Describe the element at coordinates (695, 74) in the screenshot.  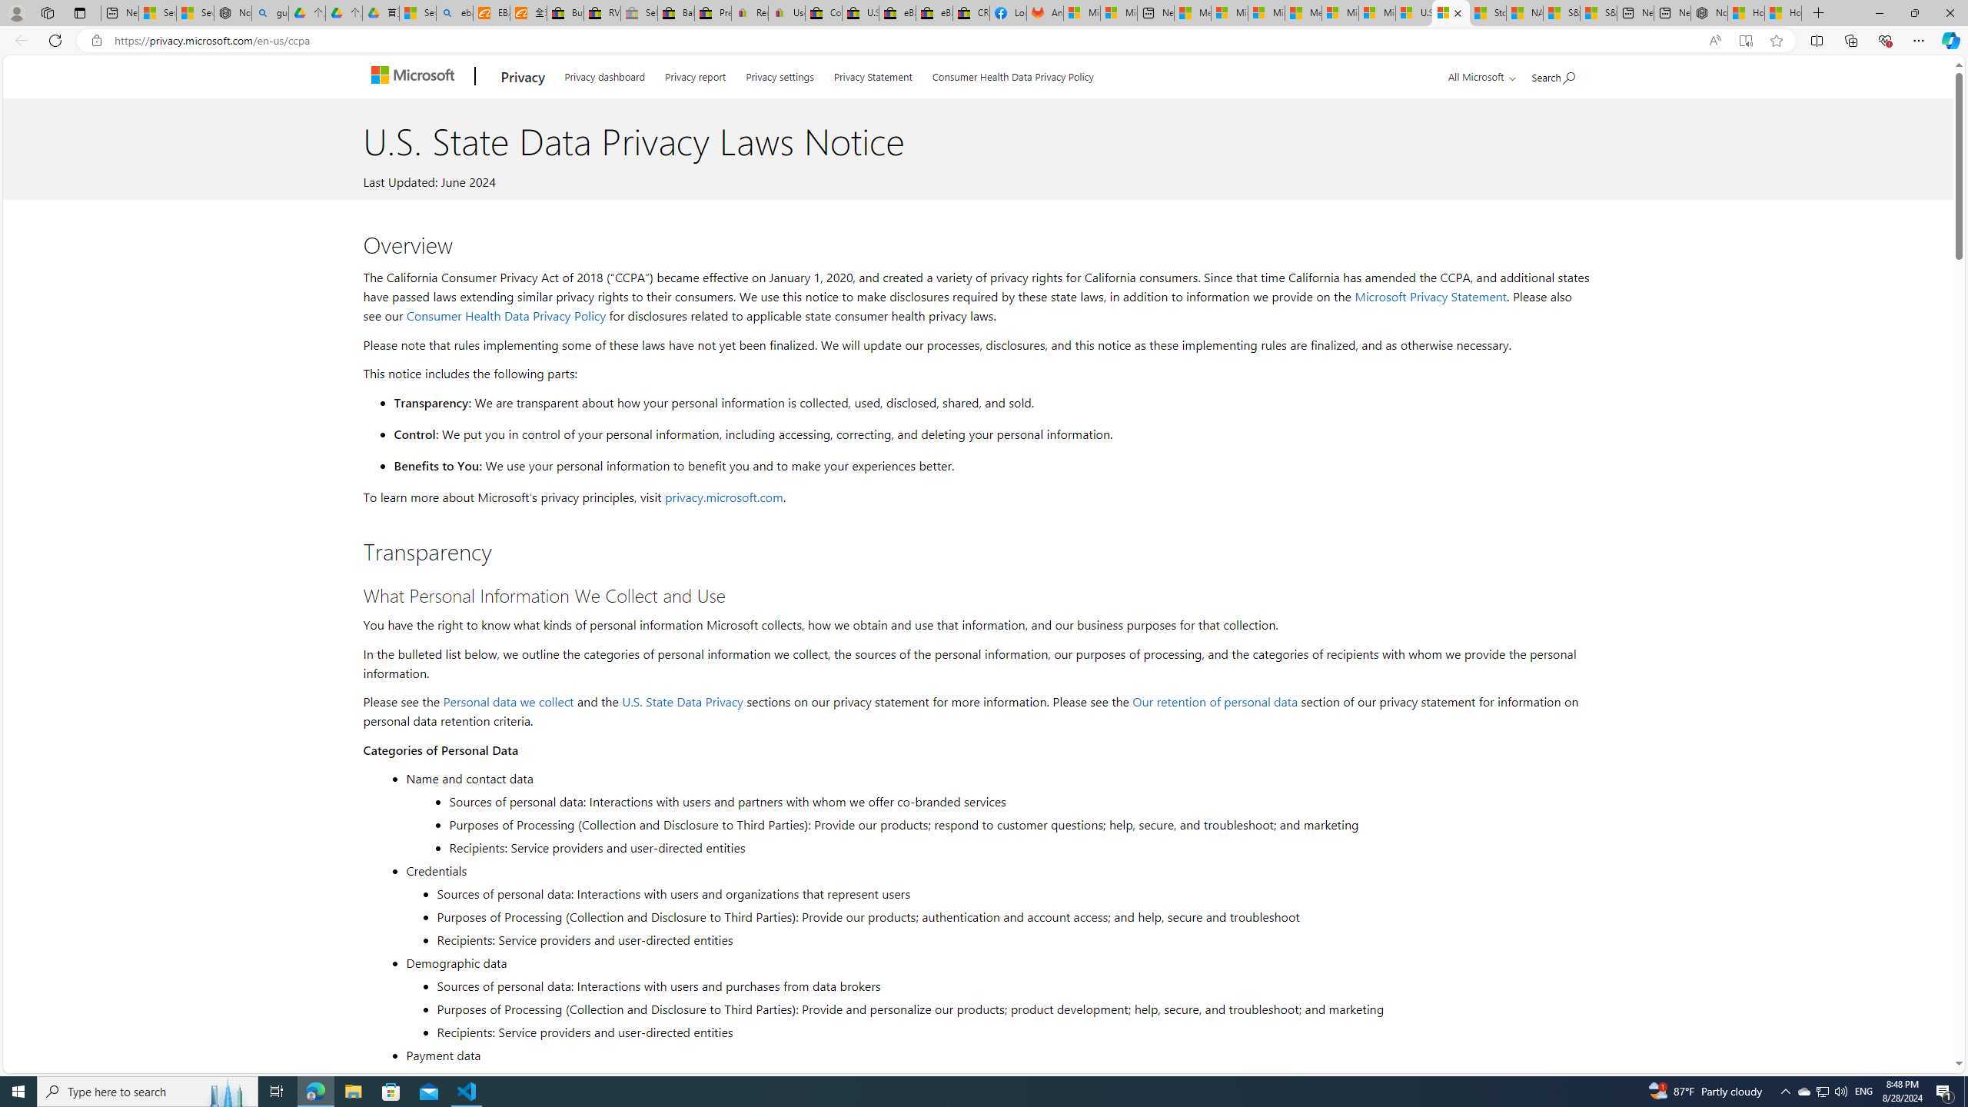
I see `'Privacy report'` at that location.